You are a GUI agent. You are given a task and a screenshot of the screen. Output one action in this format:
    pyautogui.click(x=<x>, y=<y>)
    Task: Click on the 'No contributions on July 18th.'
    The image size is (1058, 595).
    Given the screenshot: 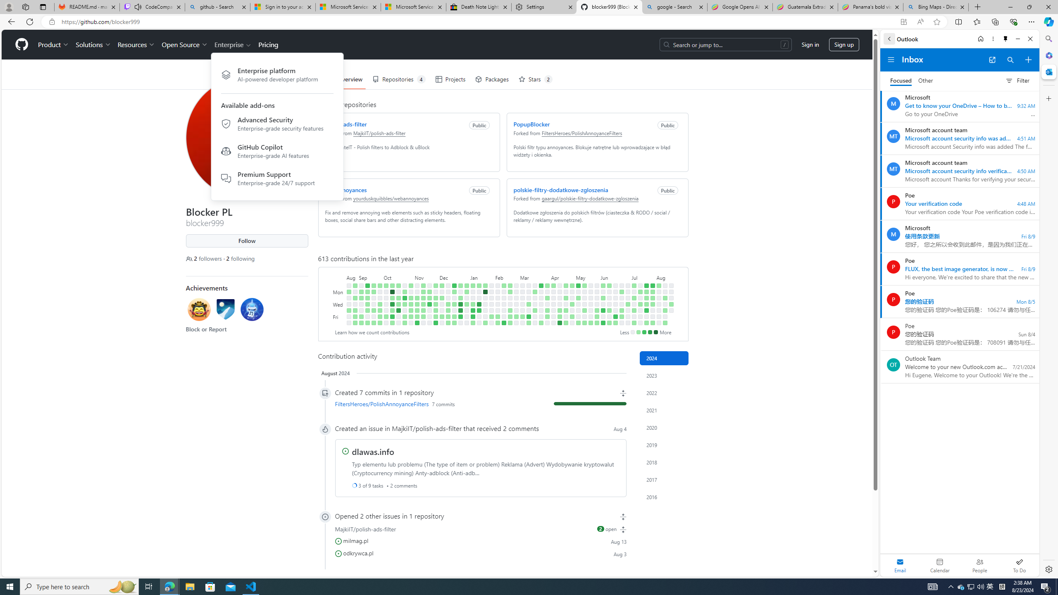 What is the action you would take?
    pyautogui.click(x=640, y=310)
    